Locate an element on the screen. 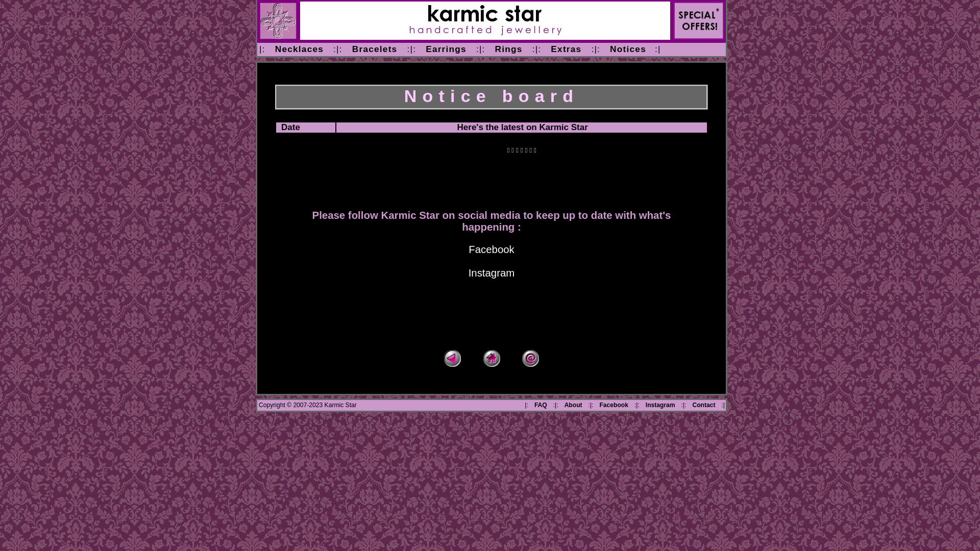 The height and width of the screenshot is (551, 980). 'Back' is located at coordinates (433, 358).